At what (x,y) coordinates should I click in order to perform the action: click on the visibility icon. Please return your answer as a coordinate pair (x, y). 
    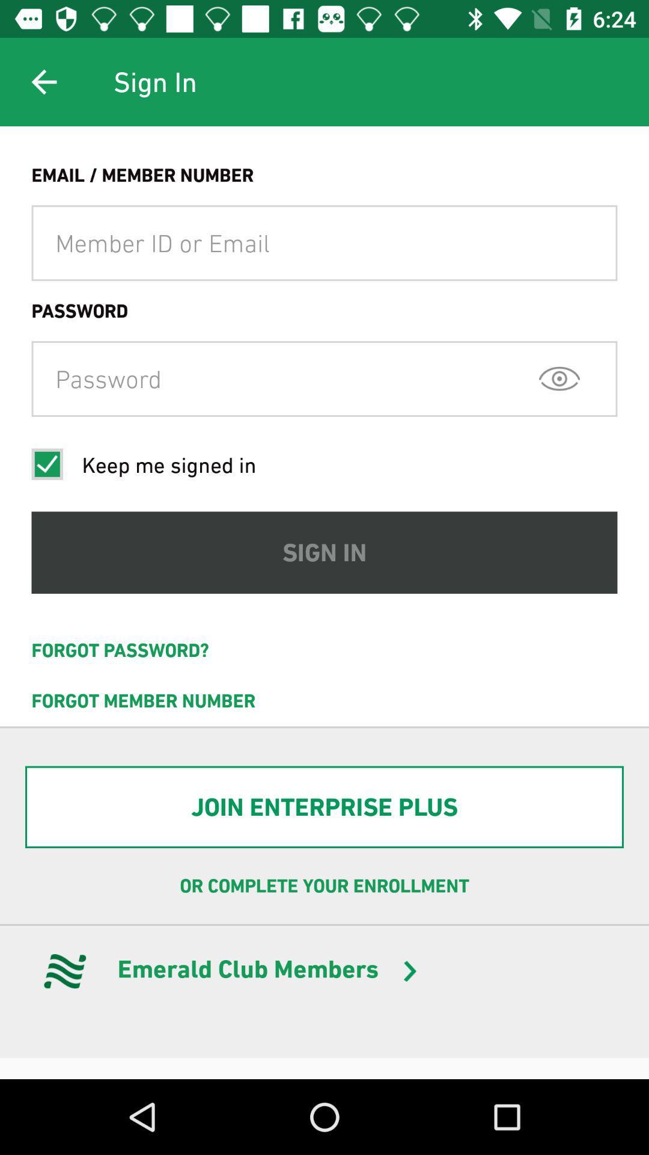
    Looking at the image, I should click on (559, 378).